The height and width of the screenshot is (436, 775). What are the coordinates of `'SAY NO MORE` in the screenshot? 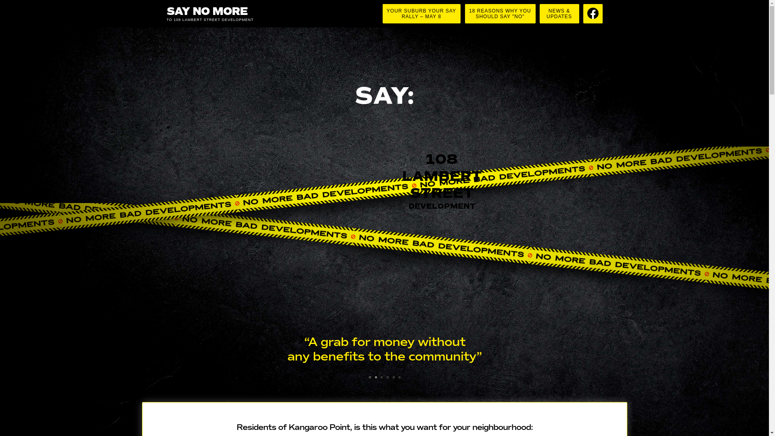 It's located at (223, 14).